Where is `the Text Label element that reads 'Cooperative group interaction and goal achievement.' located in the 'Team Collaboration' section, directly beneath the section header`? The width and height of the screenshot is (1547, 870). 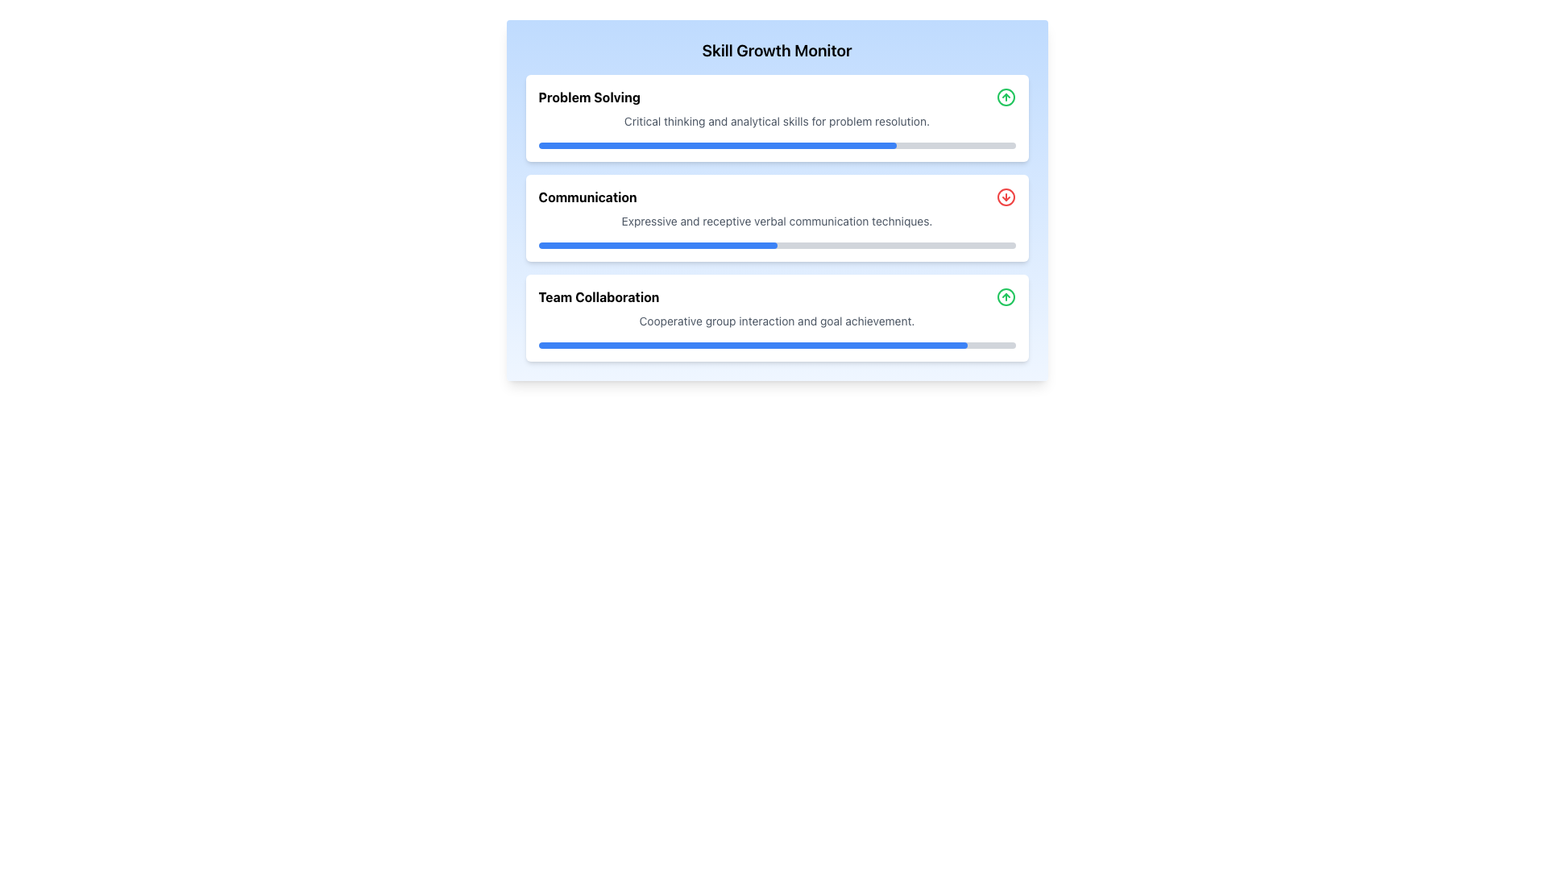
the Text Label element that reads 'Cooperative group interaction and goal achievement.' located in the 'Team Collaboration' section, directly beneath the section header is located at coordinates (777, 321).